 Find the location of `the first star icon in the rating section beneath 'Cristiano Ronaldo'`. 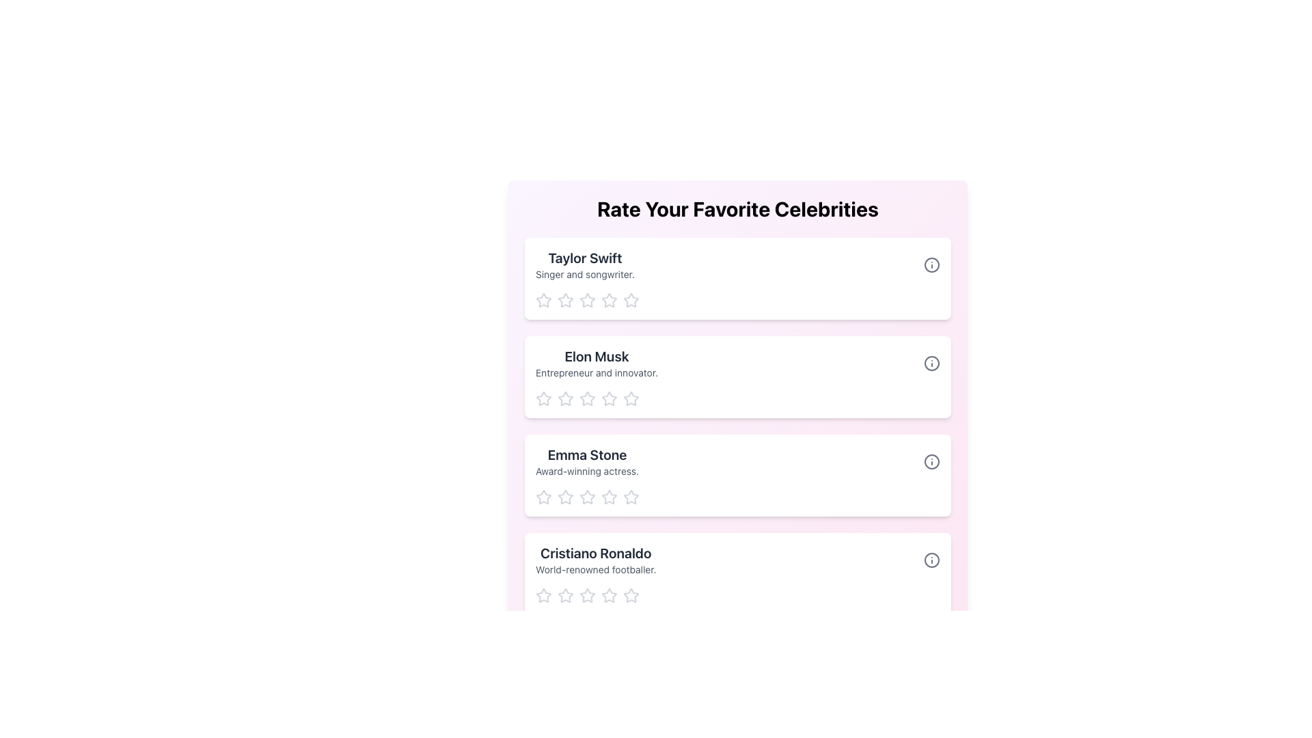

the first star icon in the rating section beneath 'Cristiano Ronaldo' is located at coordinates (566, 594).